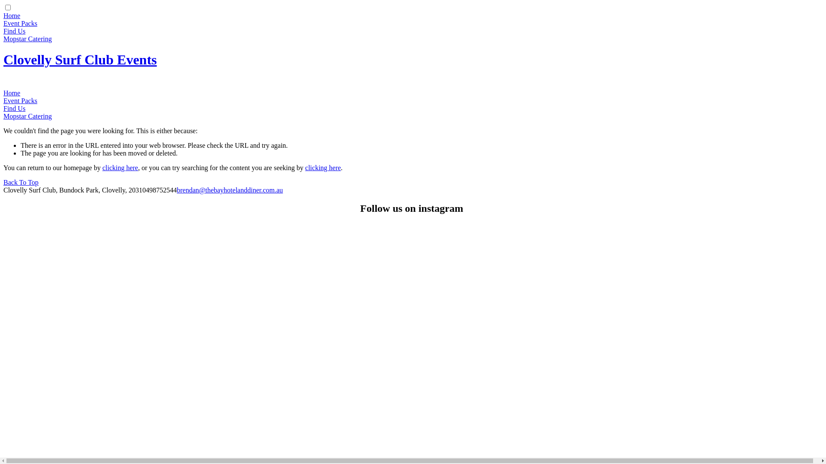 Image resolution: width=826 pixels, height=464 pixels. Describe the element at coordinates (20, 100) in the screenshot. I see `'Event Packs'` at that location.